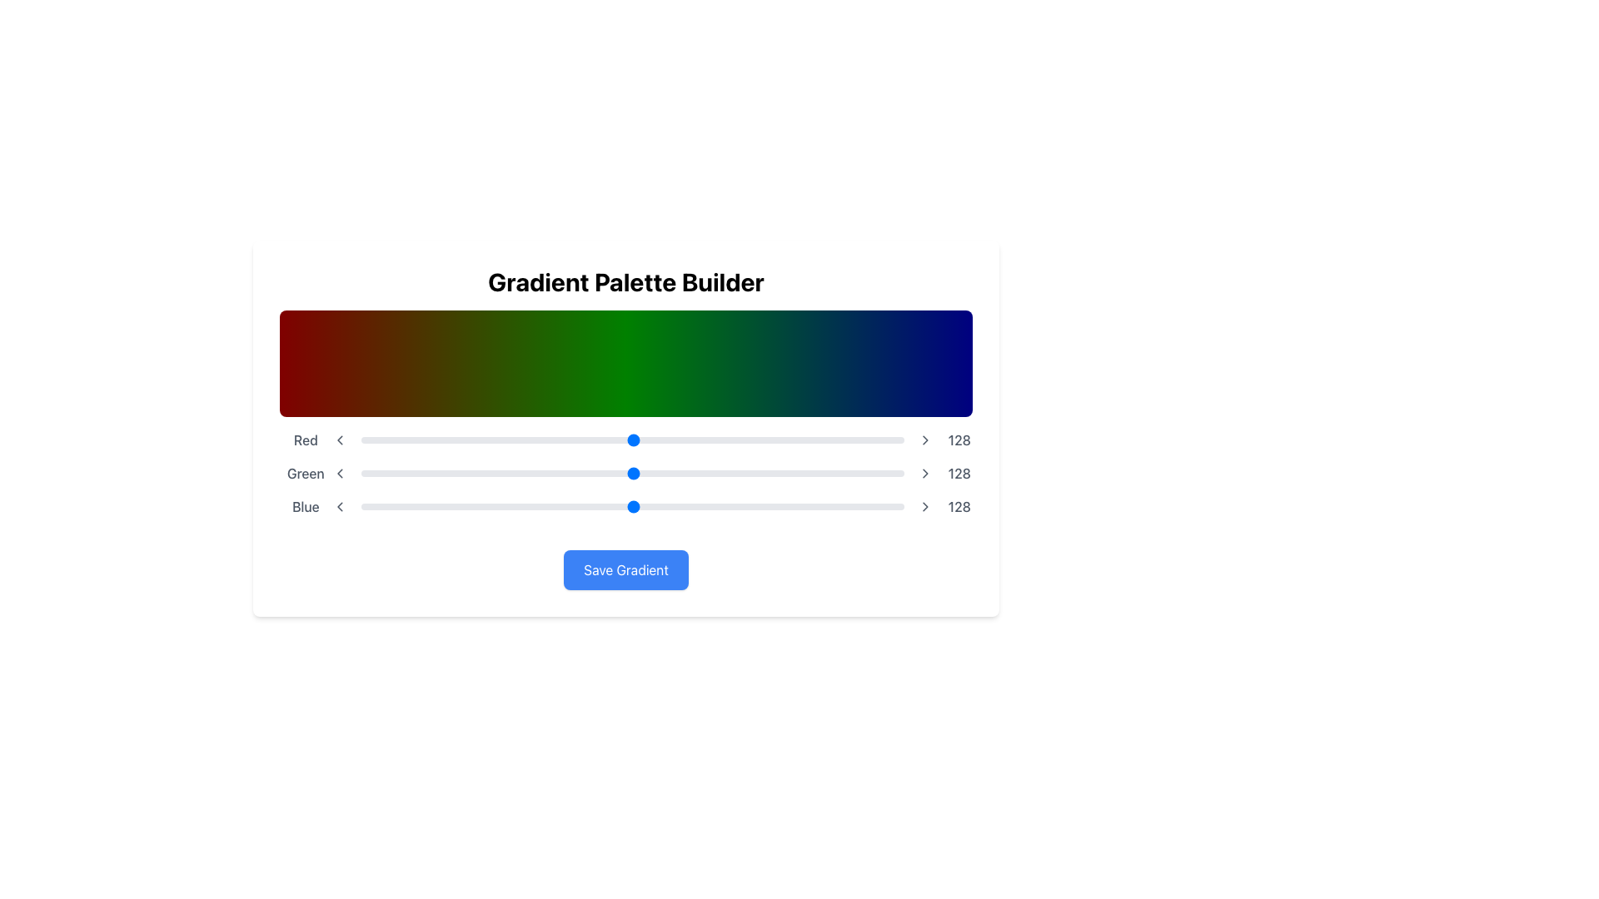  I want to click on the left-pointing chevron button next to the 'Green' label to observe its styling changes, so click(339, 474).